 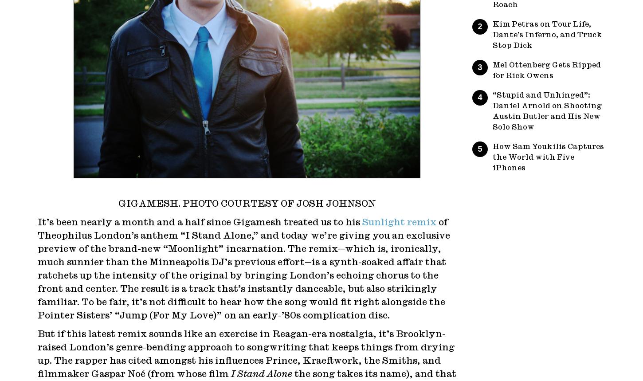 What do you see at coordinates (547, 35) in the screenshot?
I see `'Kim Petras on Tour Life, Dante’s Inferno, and Truck Stop Dick'` at bounding box center [547, 35].